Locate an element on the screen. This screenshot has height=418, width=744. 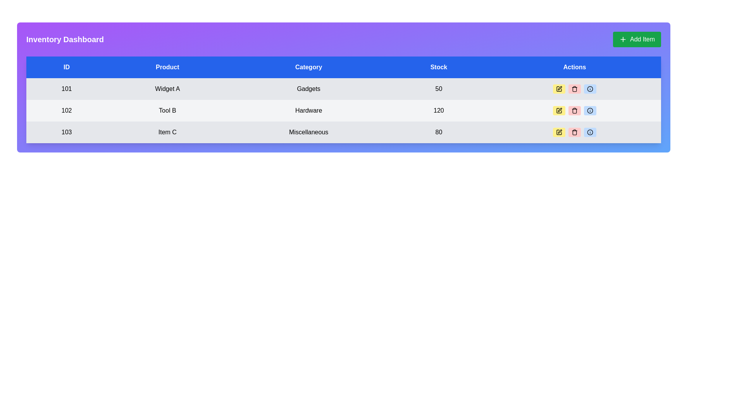
the numerical text '103' displayed in a bold, centered font style within the first column of the third row of the table is located at coordinates (67, 132).